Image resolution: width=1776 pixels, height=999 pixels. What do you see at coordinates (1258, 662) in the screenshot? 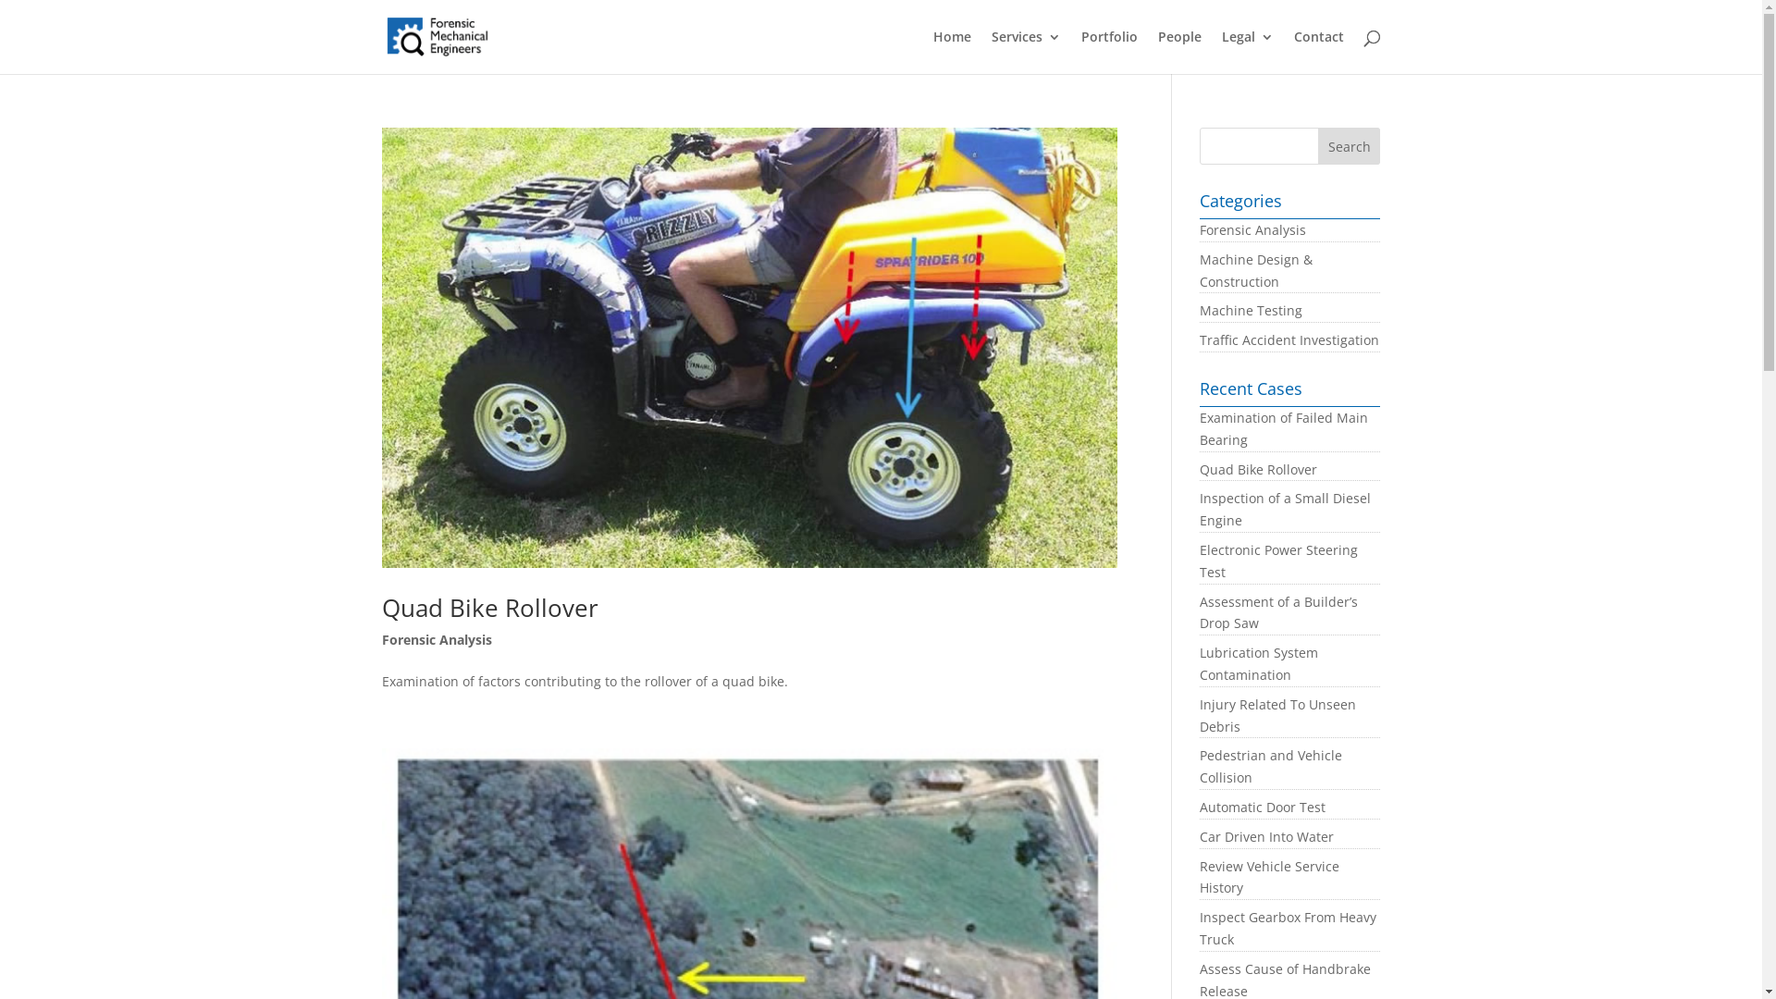
I see `'Lubrication System Contamination'` at bounding box center [1258, 662].